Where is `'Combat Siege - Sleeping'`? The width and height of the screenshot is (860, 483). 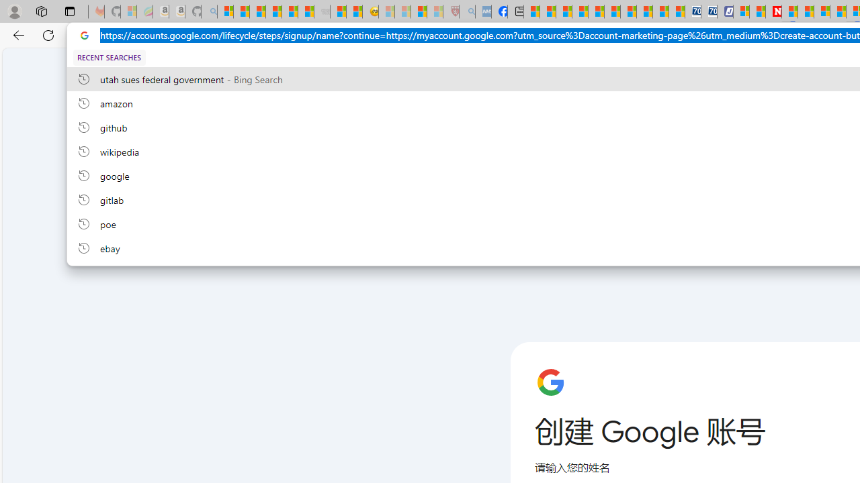
'Combat Siege - Sleeping' is located at coordinates (322, 11).